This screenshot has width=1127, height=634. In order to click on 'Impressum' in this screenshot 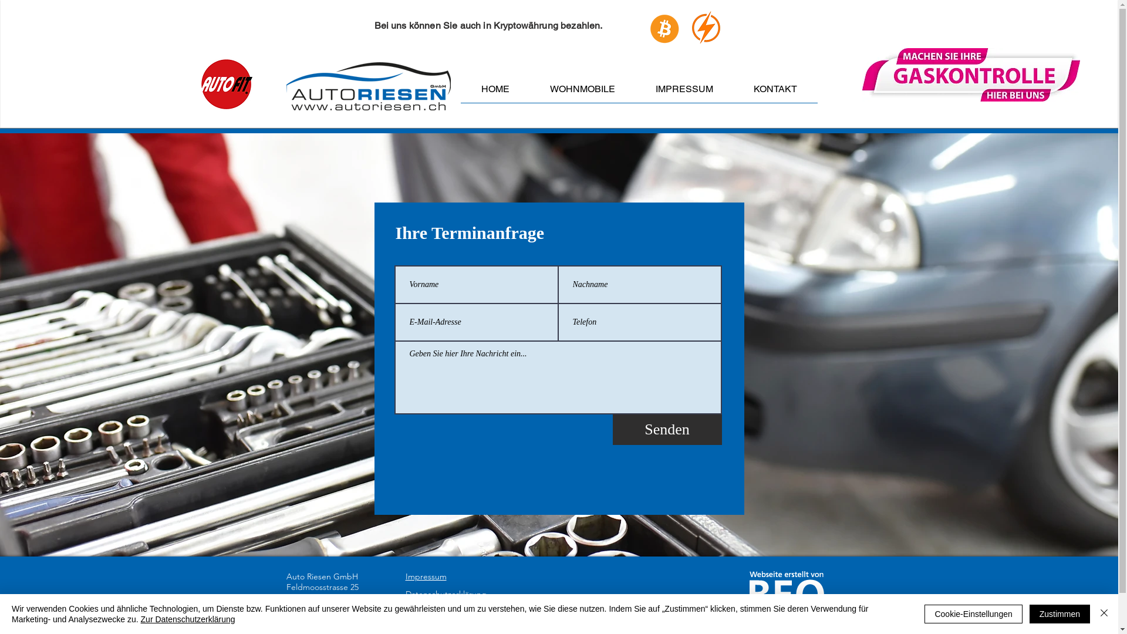, I will do `click(424, 576)`.